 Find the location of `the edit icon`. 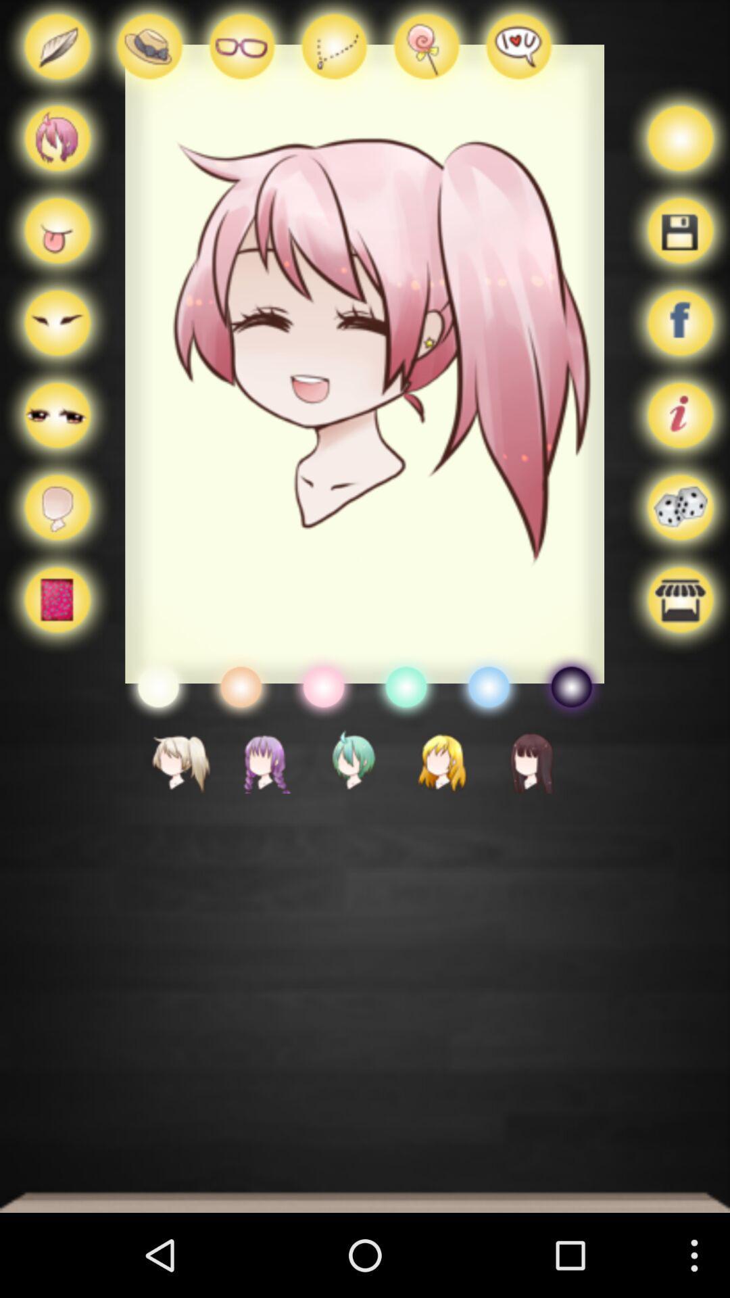

the edit icon is located at coordinates (56, 54).